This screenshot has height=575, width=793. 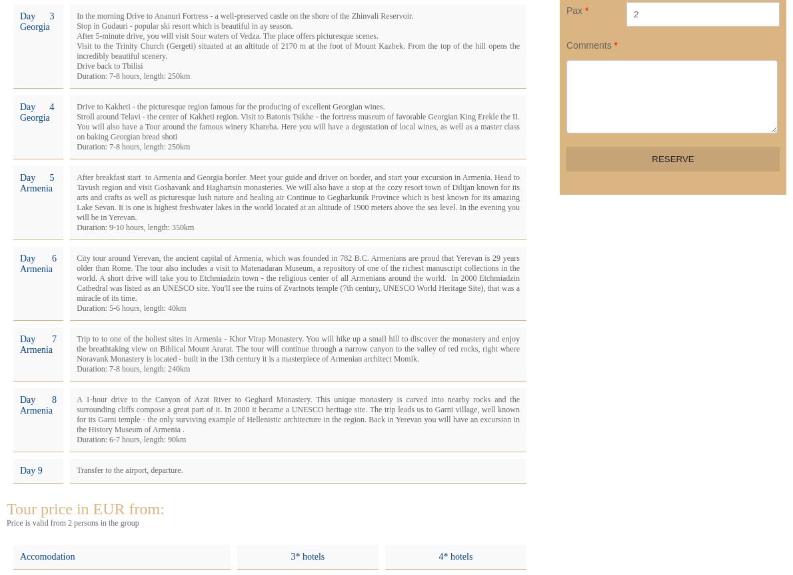 I want to click on '4* hotels', so click(x=454, y=556).